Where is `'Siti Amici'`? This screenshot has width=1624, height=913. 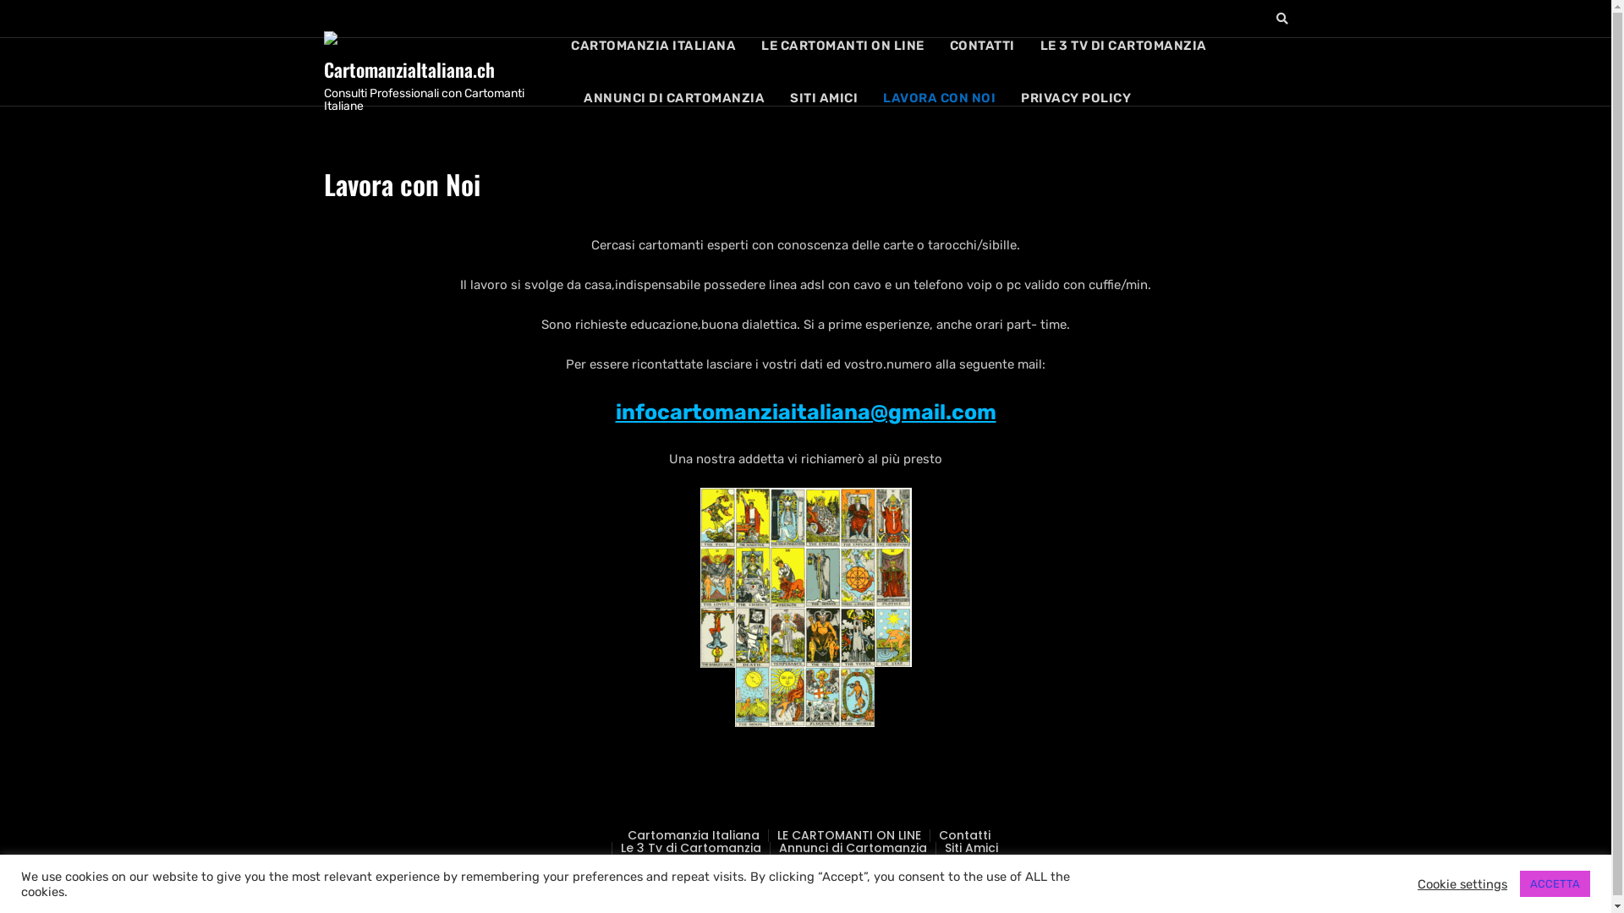
'Siti Amici' is located at coordinates (971, 847).